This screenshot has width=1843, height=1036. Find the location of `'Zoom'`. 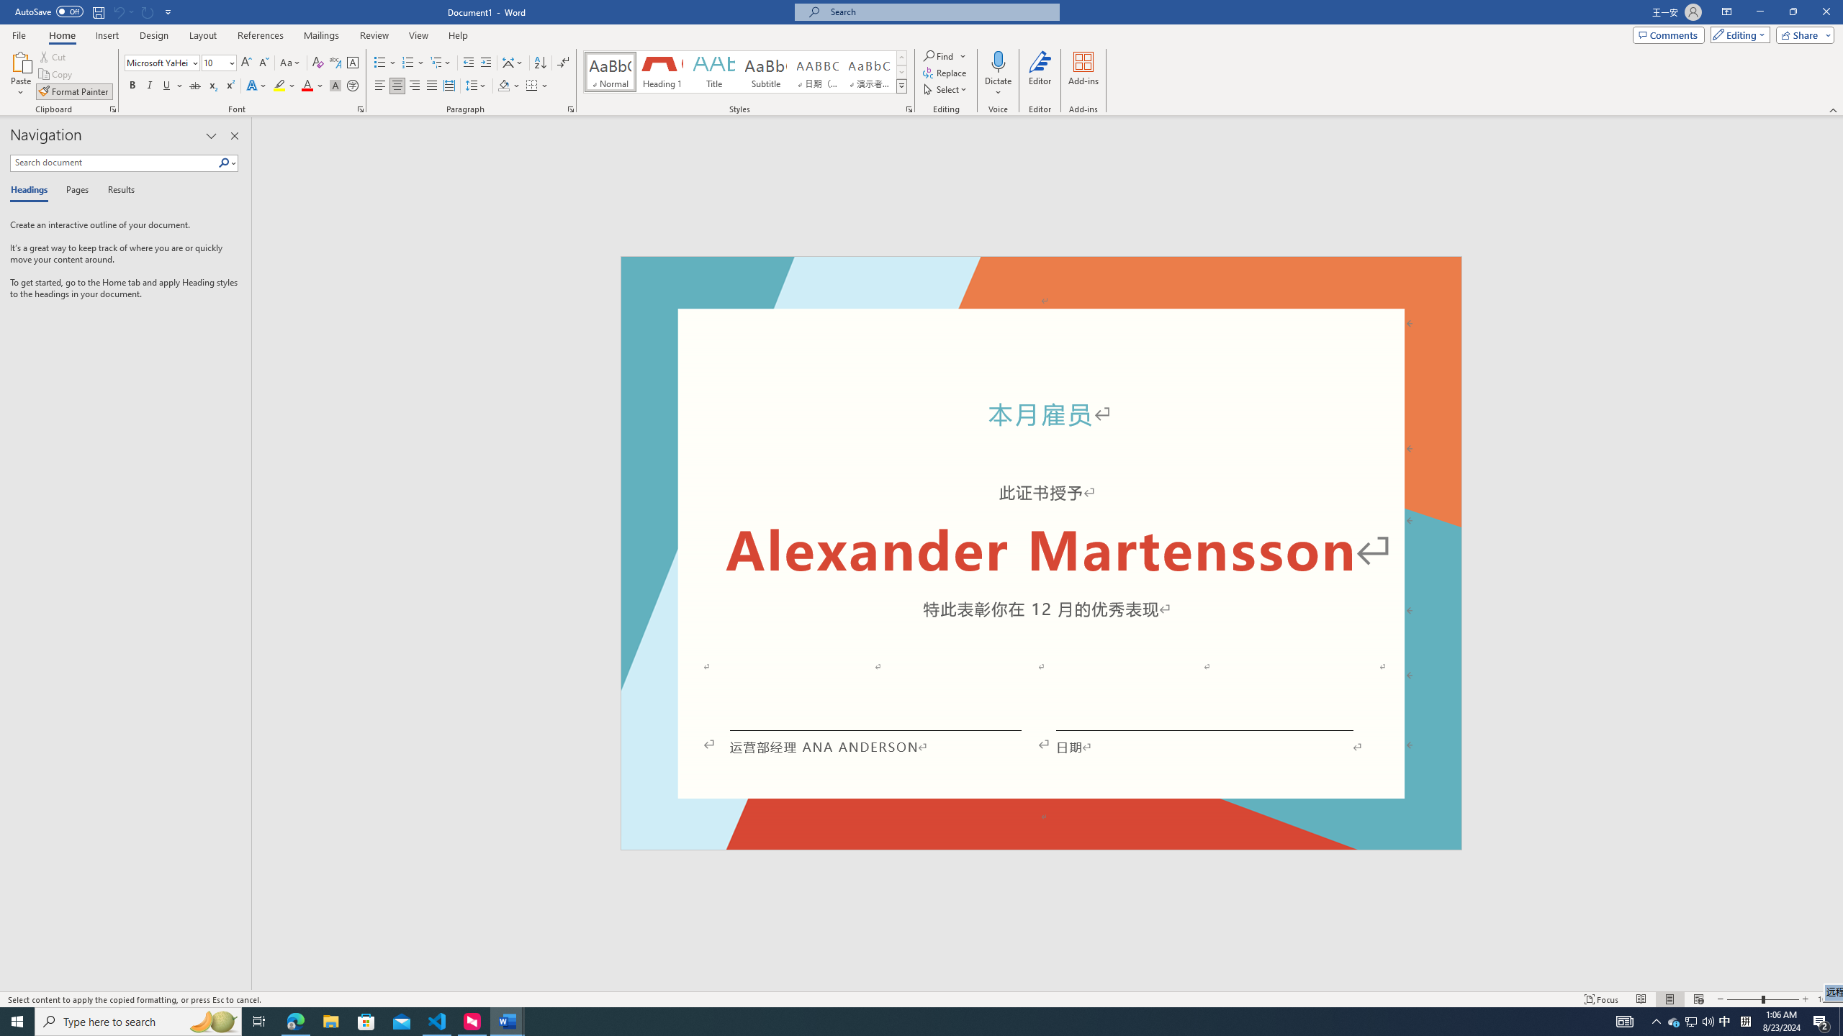

'Zoom' is located at coordinates (1762, 999).